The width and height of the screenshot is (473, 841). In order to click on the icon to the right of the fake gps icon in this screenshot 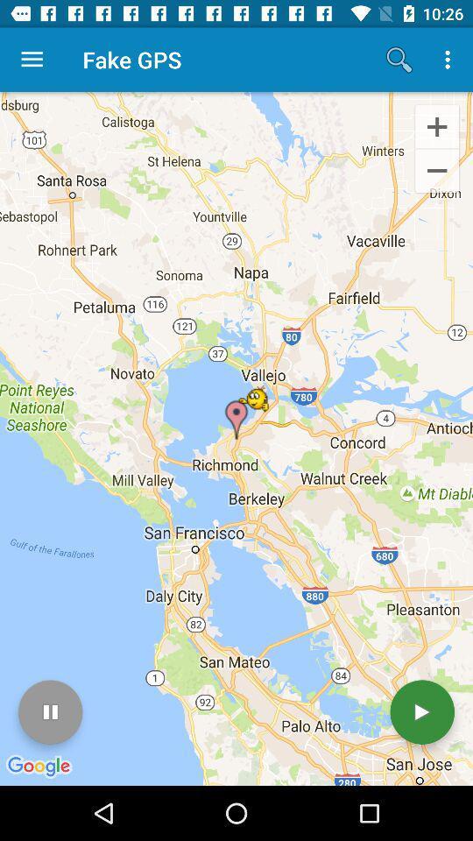, I will do `click(399, 60)`.